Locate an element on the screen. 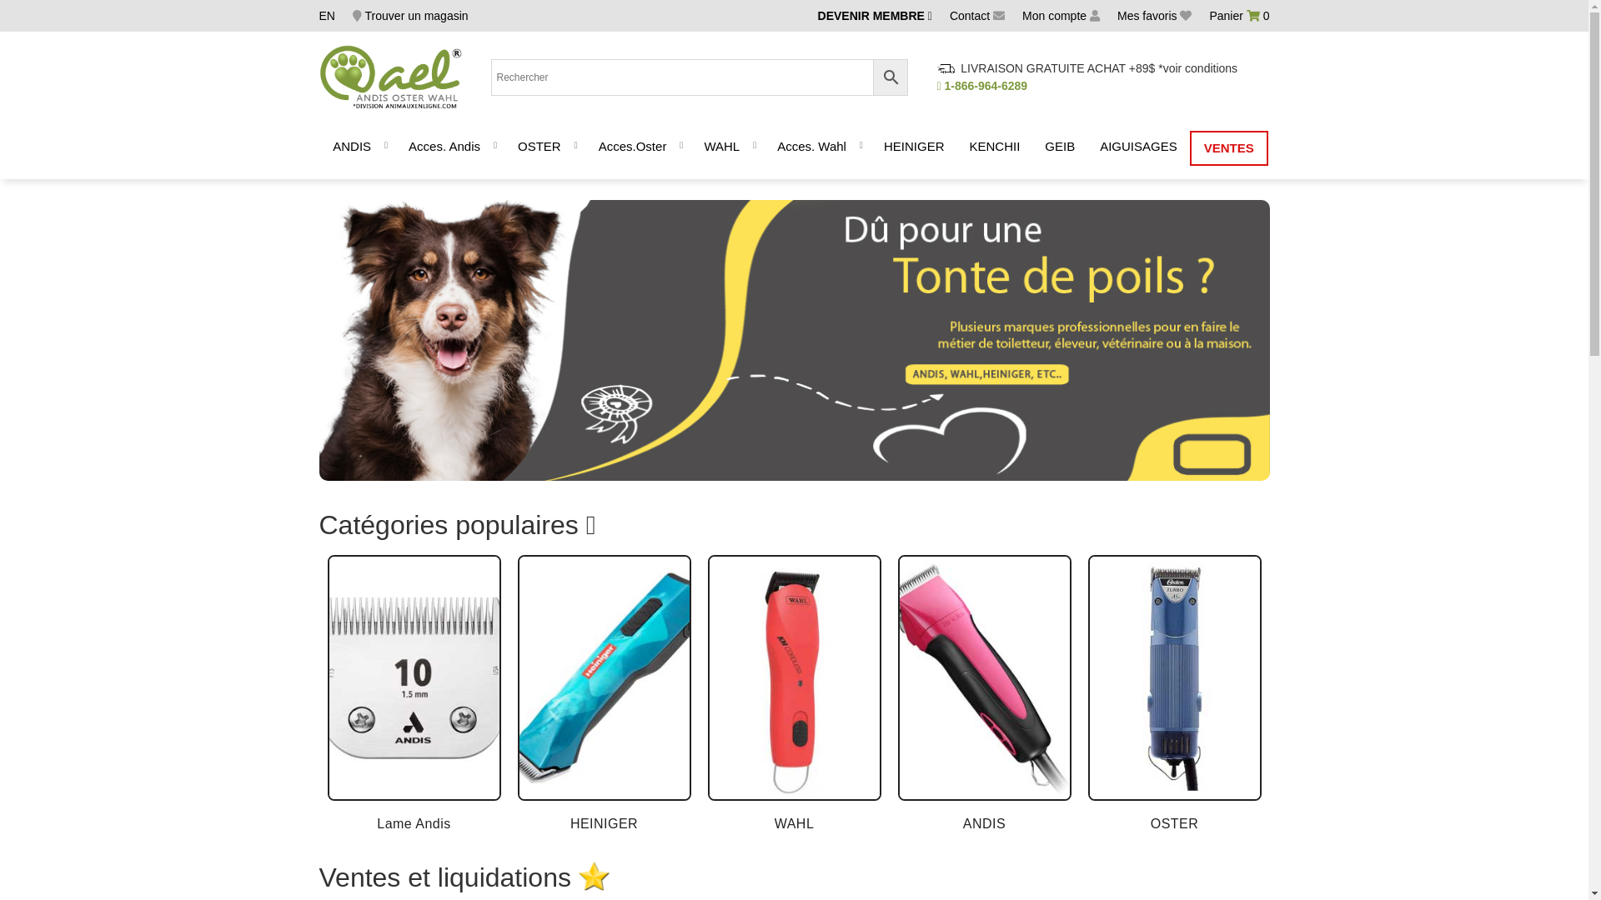  'KENCHII' is located at coordinates (994, 147).